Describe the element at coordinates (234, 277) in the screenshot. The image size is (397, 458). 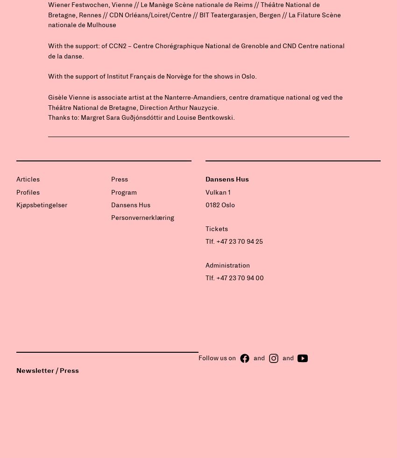
I see `'Tlf. +47 23 70 94 00'` at that location.